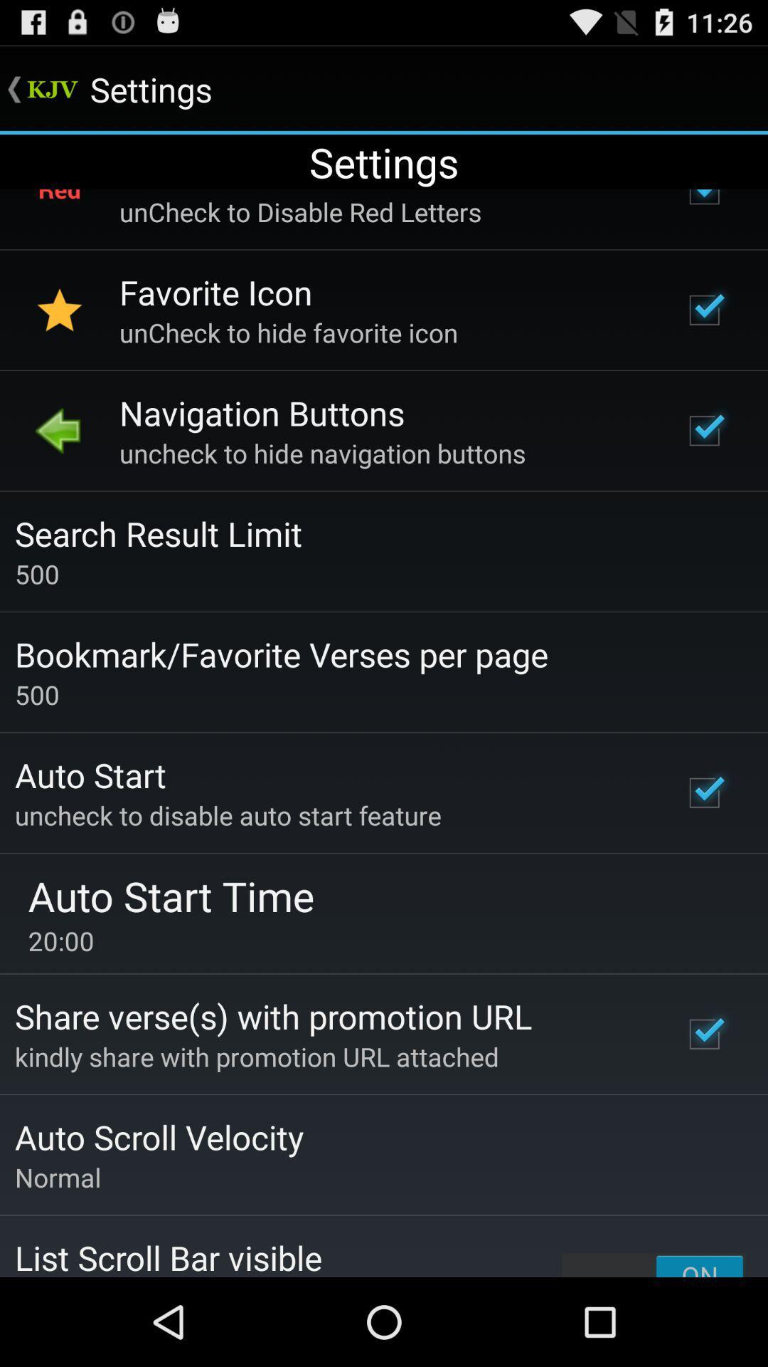 This screenshot has height=1367, width=768. I want to click on the icon above star, so click(59, 211).